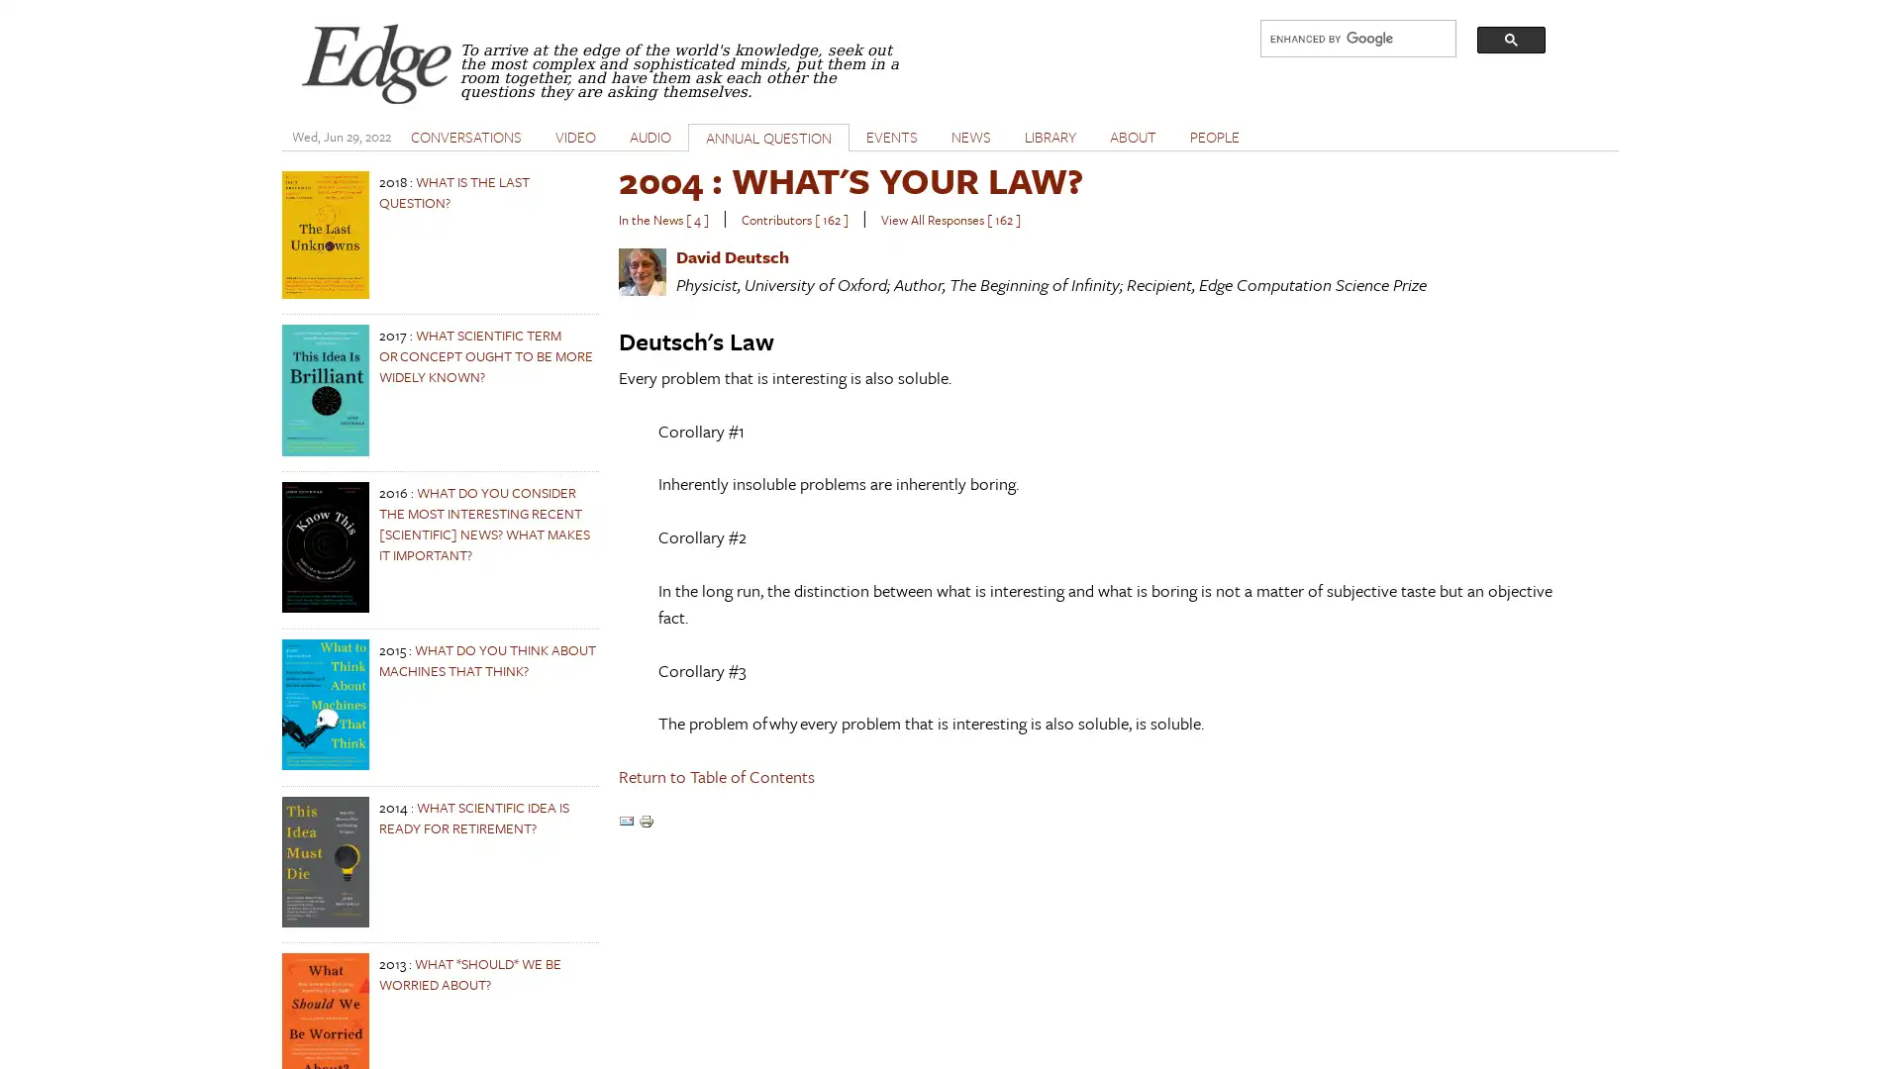 The image size is (1901, 1069). I want to click on search, so click(1510, 39).